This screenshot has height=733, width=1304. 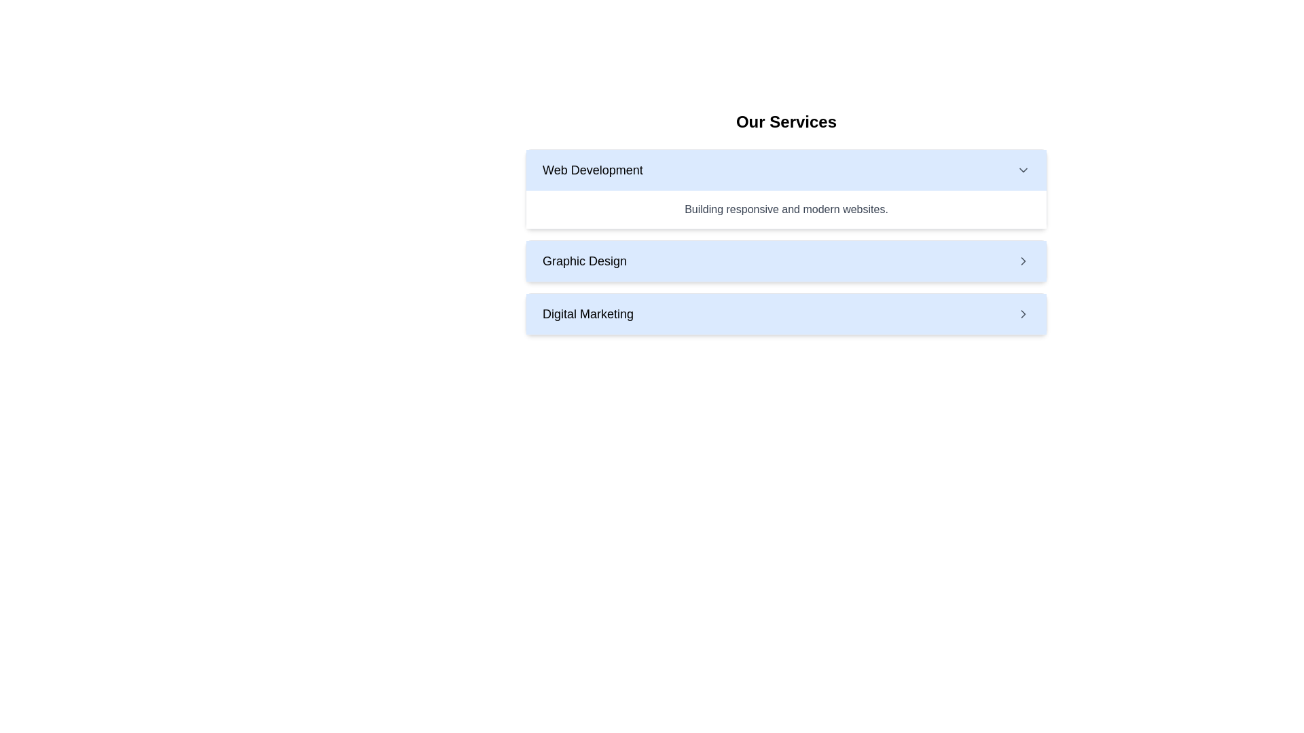 What do you see at coordinates (786, 261) in the screenshot?
I see `the 'Graphic Design' button via keyboard navigation` at bounding box center [786, 261].